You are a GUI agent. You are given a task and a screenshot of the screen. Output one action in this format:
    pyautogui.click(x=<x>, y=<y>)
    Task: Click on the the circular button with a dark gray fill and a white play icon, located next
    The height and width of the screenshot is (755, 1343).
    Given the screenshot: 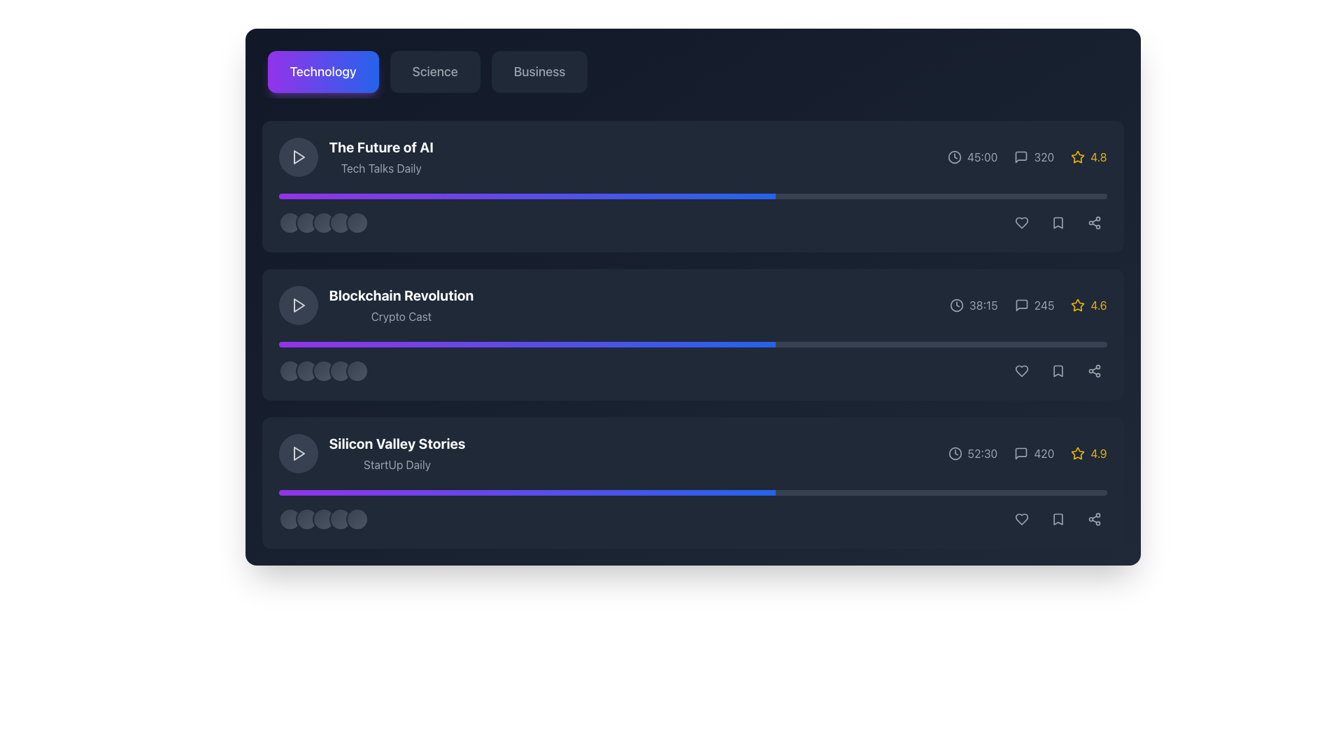 What is the action you would take?
    pyautogui.click(x=297, y=157)
    